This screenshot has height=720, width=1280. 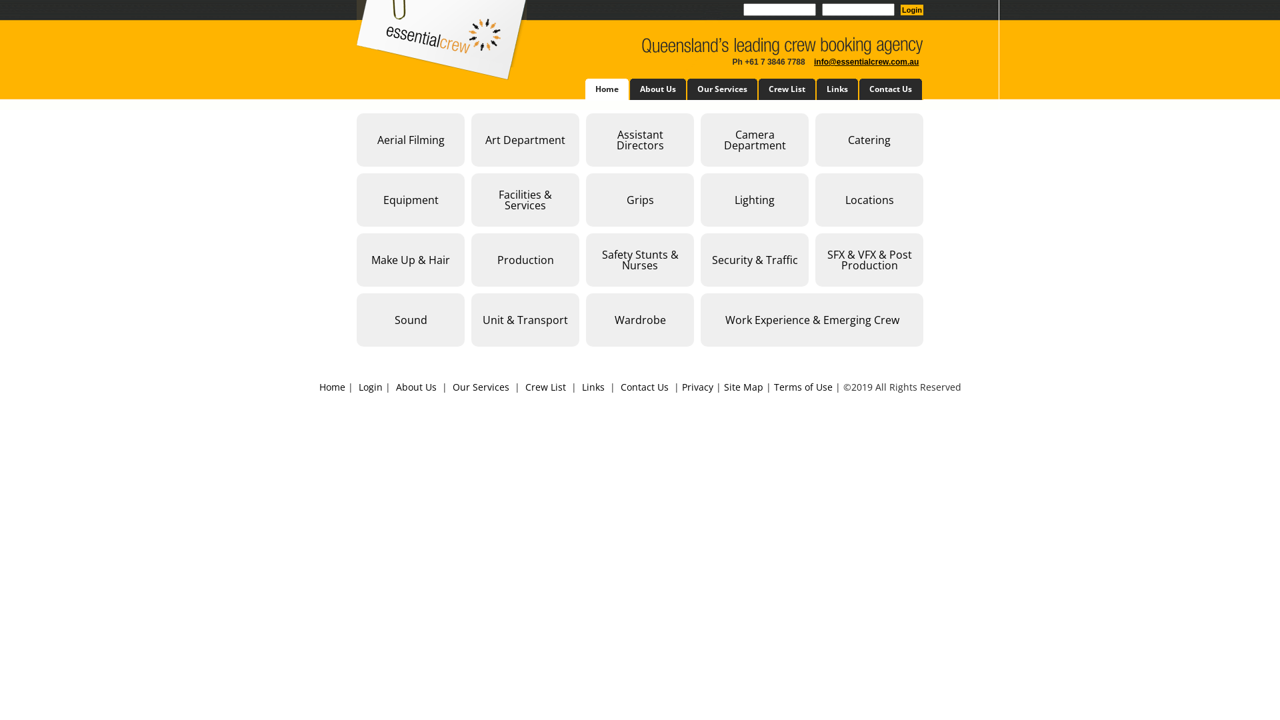 I want to click on 'Locations', so click(x=815, y=200).